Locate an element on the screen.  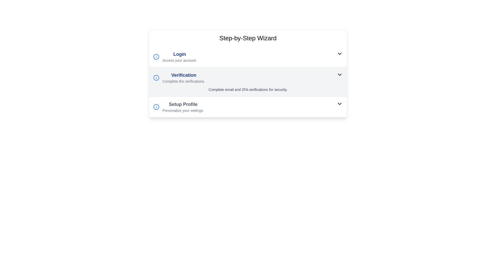
the small triangular-shaped icon pointing downward in the top-right section of the 'Login' interactive card to interact with it is located at coordinates (340, 54).